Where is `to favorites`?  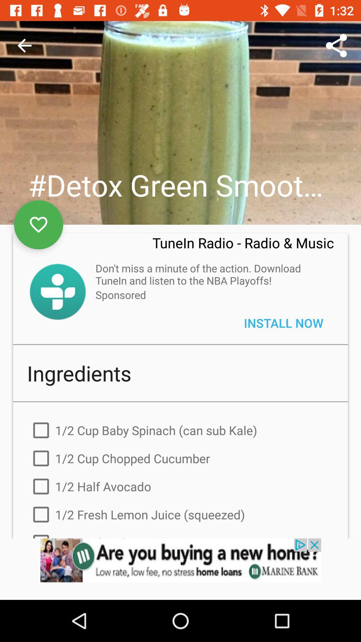
to favorites is located at coordinates (38, 225).